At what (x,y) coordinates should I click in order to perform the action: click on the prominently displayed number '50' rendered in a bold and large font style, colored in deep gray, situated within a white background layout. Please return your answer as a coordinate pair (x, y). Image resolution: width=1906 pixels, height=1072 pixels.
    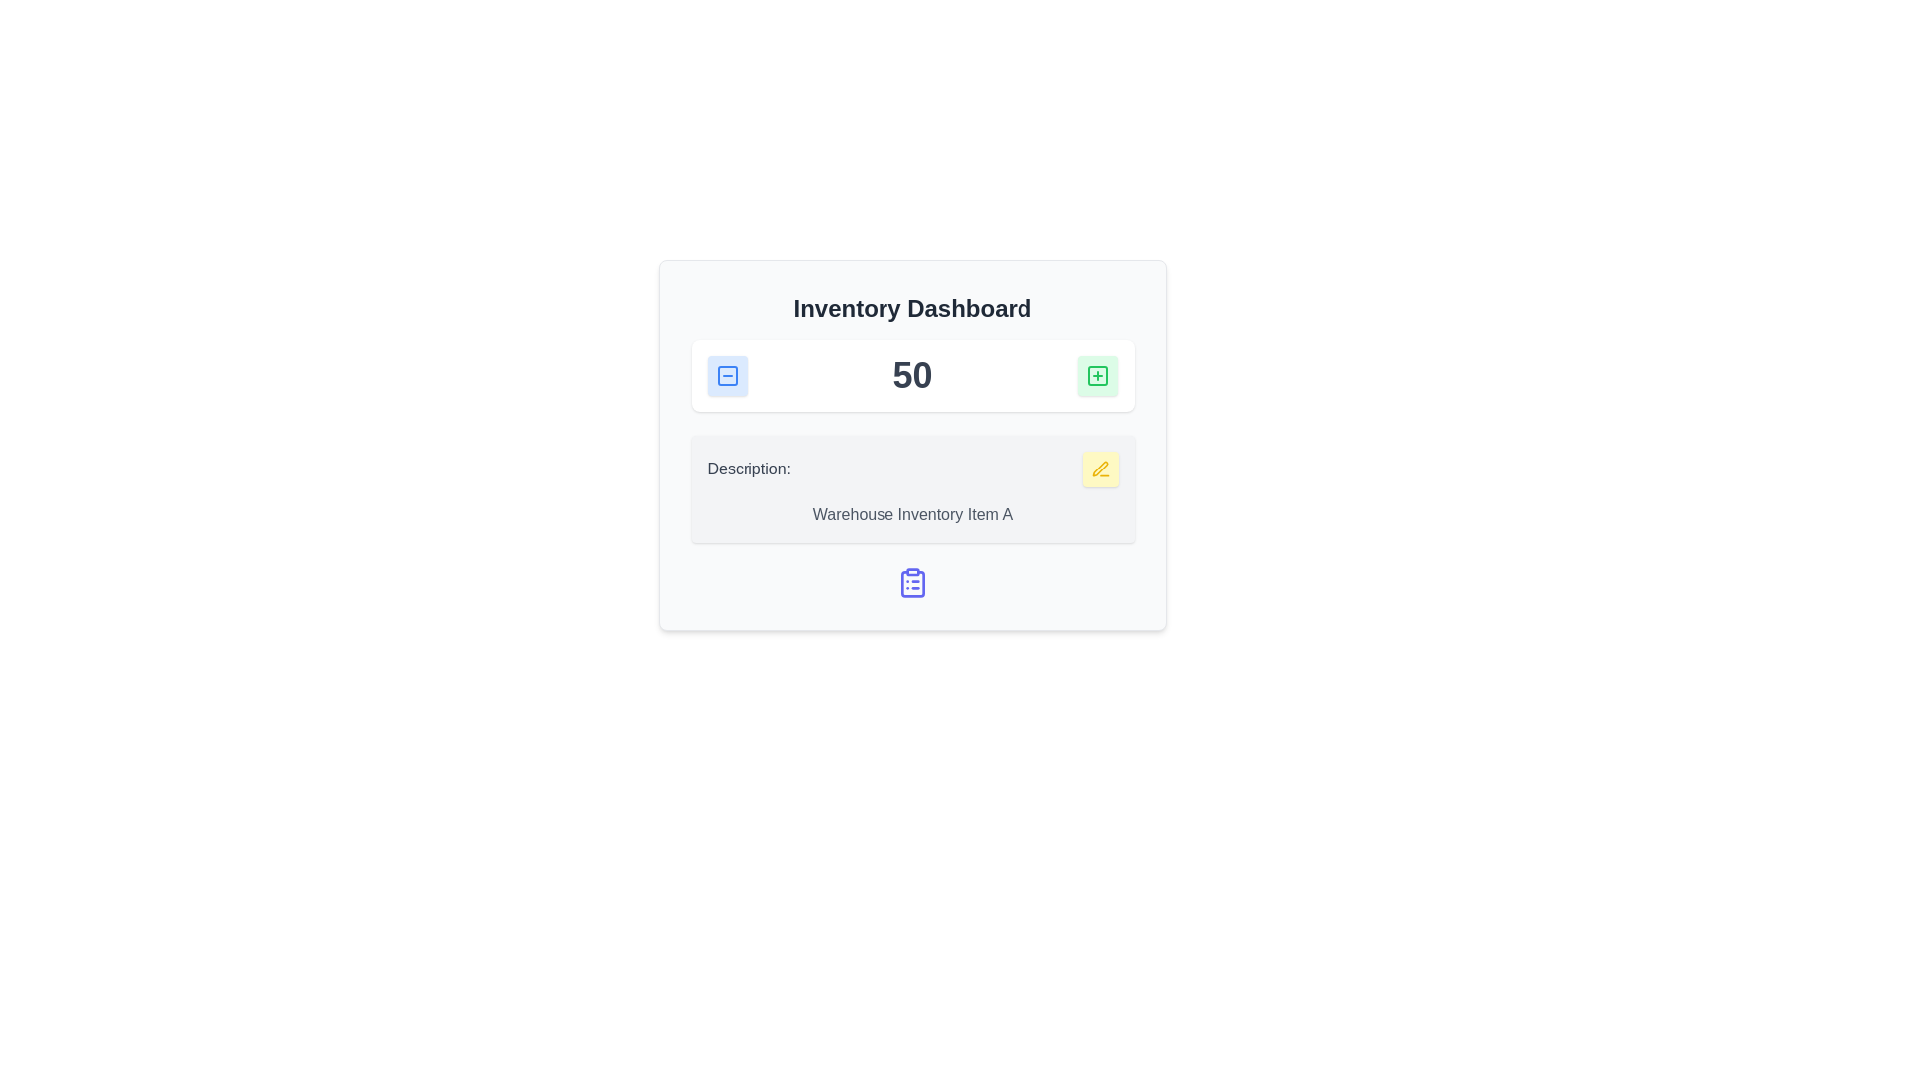
    Looking at the image, I should click on (911, 375).